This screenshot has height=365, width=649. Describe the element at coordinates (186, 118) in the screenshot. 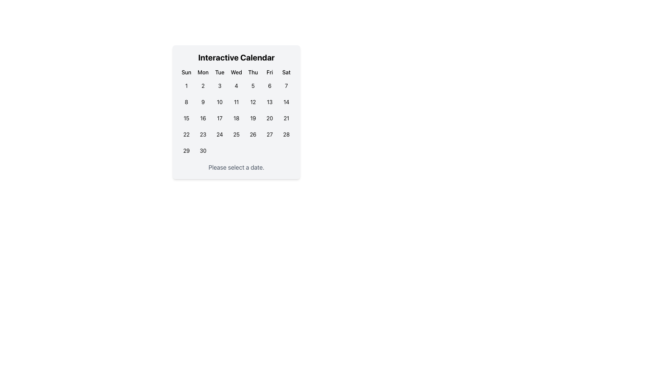

I see `the date button displaying '15' in the third row and first column of the calendar grid` at that location.